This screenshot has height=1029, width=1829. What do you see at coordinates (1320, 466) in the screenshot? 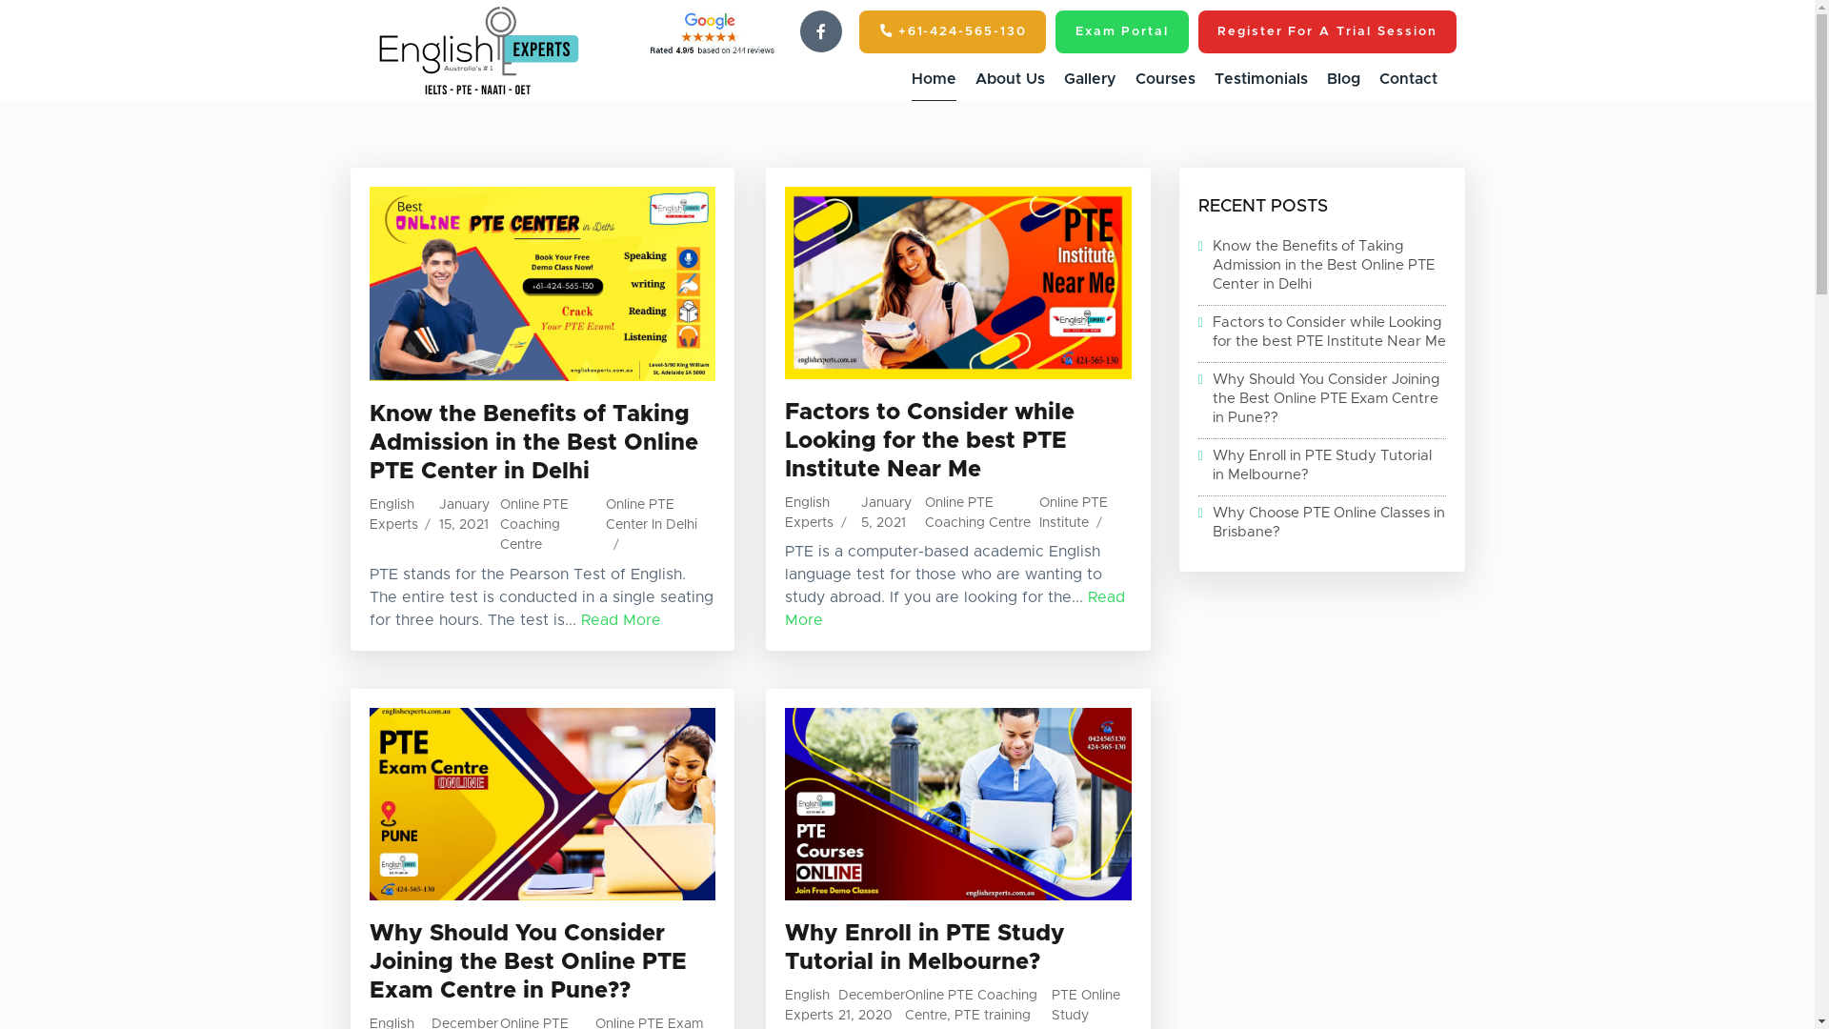
I see `'Why Enroll in PTE Study Tutorial in Melbourne?'` at bounding box center [1320, 466].